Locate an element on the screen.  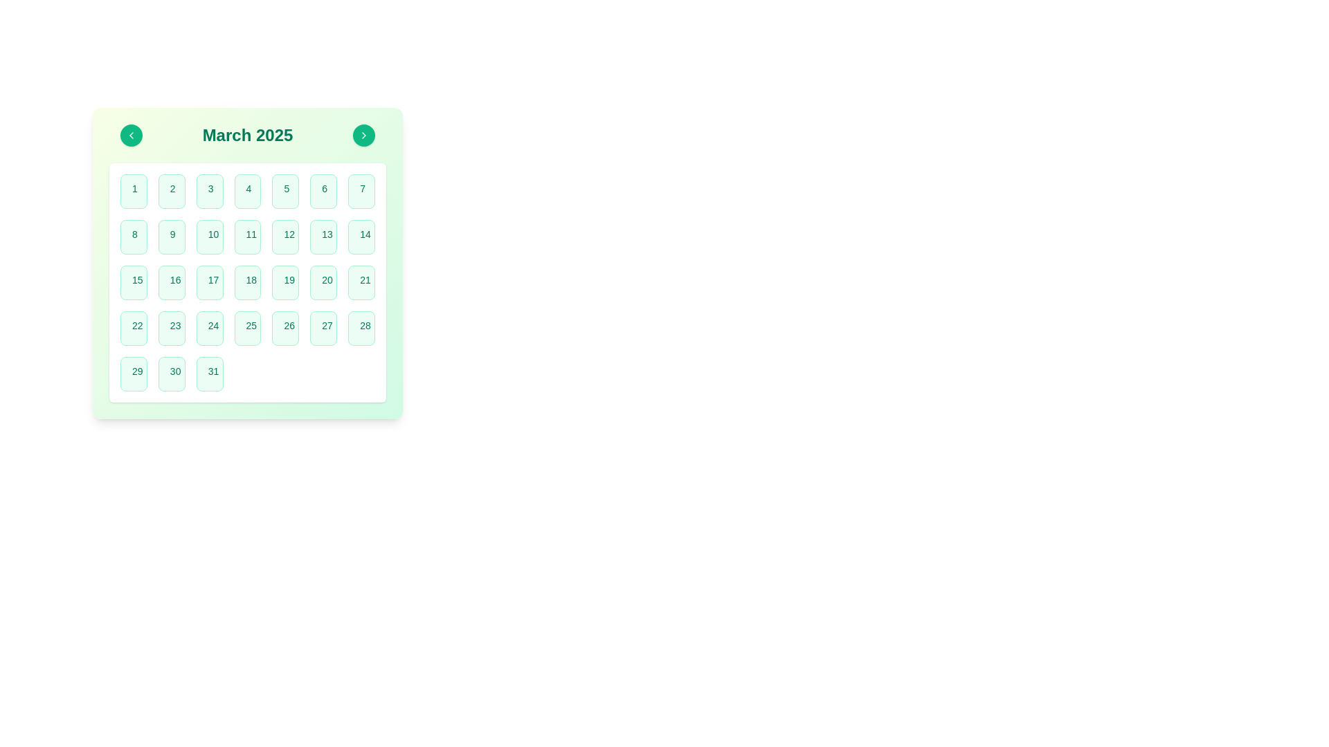
the text label displaying the number '12' in the calendar UI, which is styled in a small font size with medium weight and a greenish tone, located in the second row, fourth column of the grid is located at coordinates (289, 234).